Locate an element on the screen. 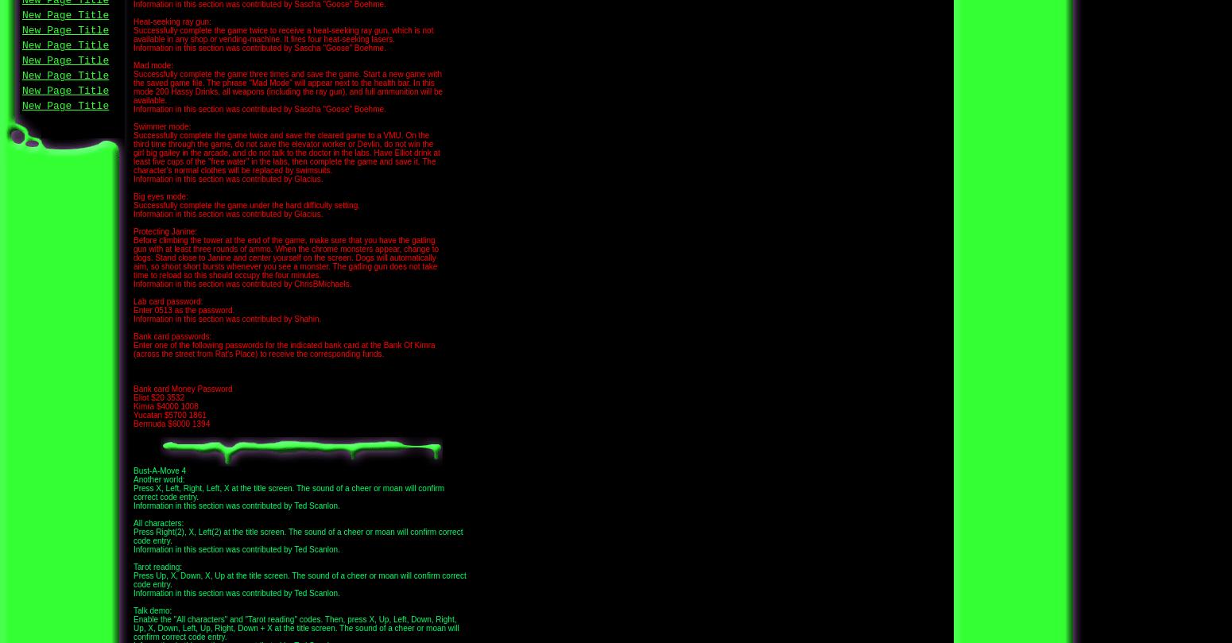 The width and height of the screenshot is (1232, 643). 'Protecting Janine:' is located at coordinates (165, 231).